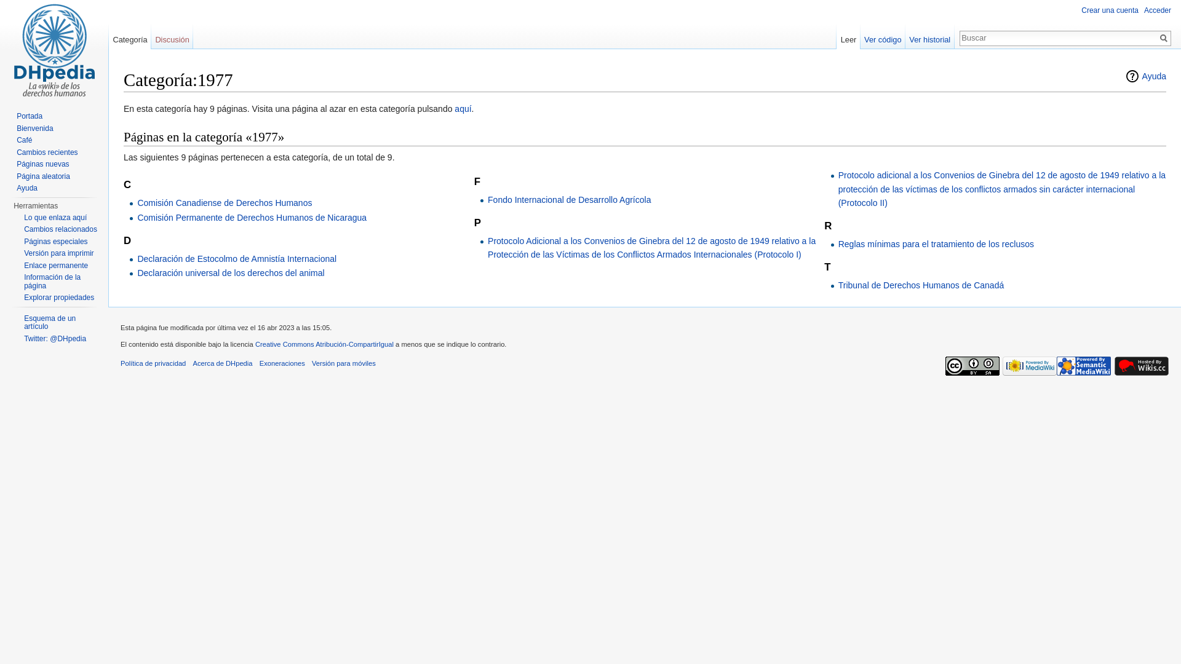 The image size is (1181, 664). What do you see at coordinates (223, 362) in the screenshot?
I see `'Acerca de DHpedia'` at bounding box center [223, 362].